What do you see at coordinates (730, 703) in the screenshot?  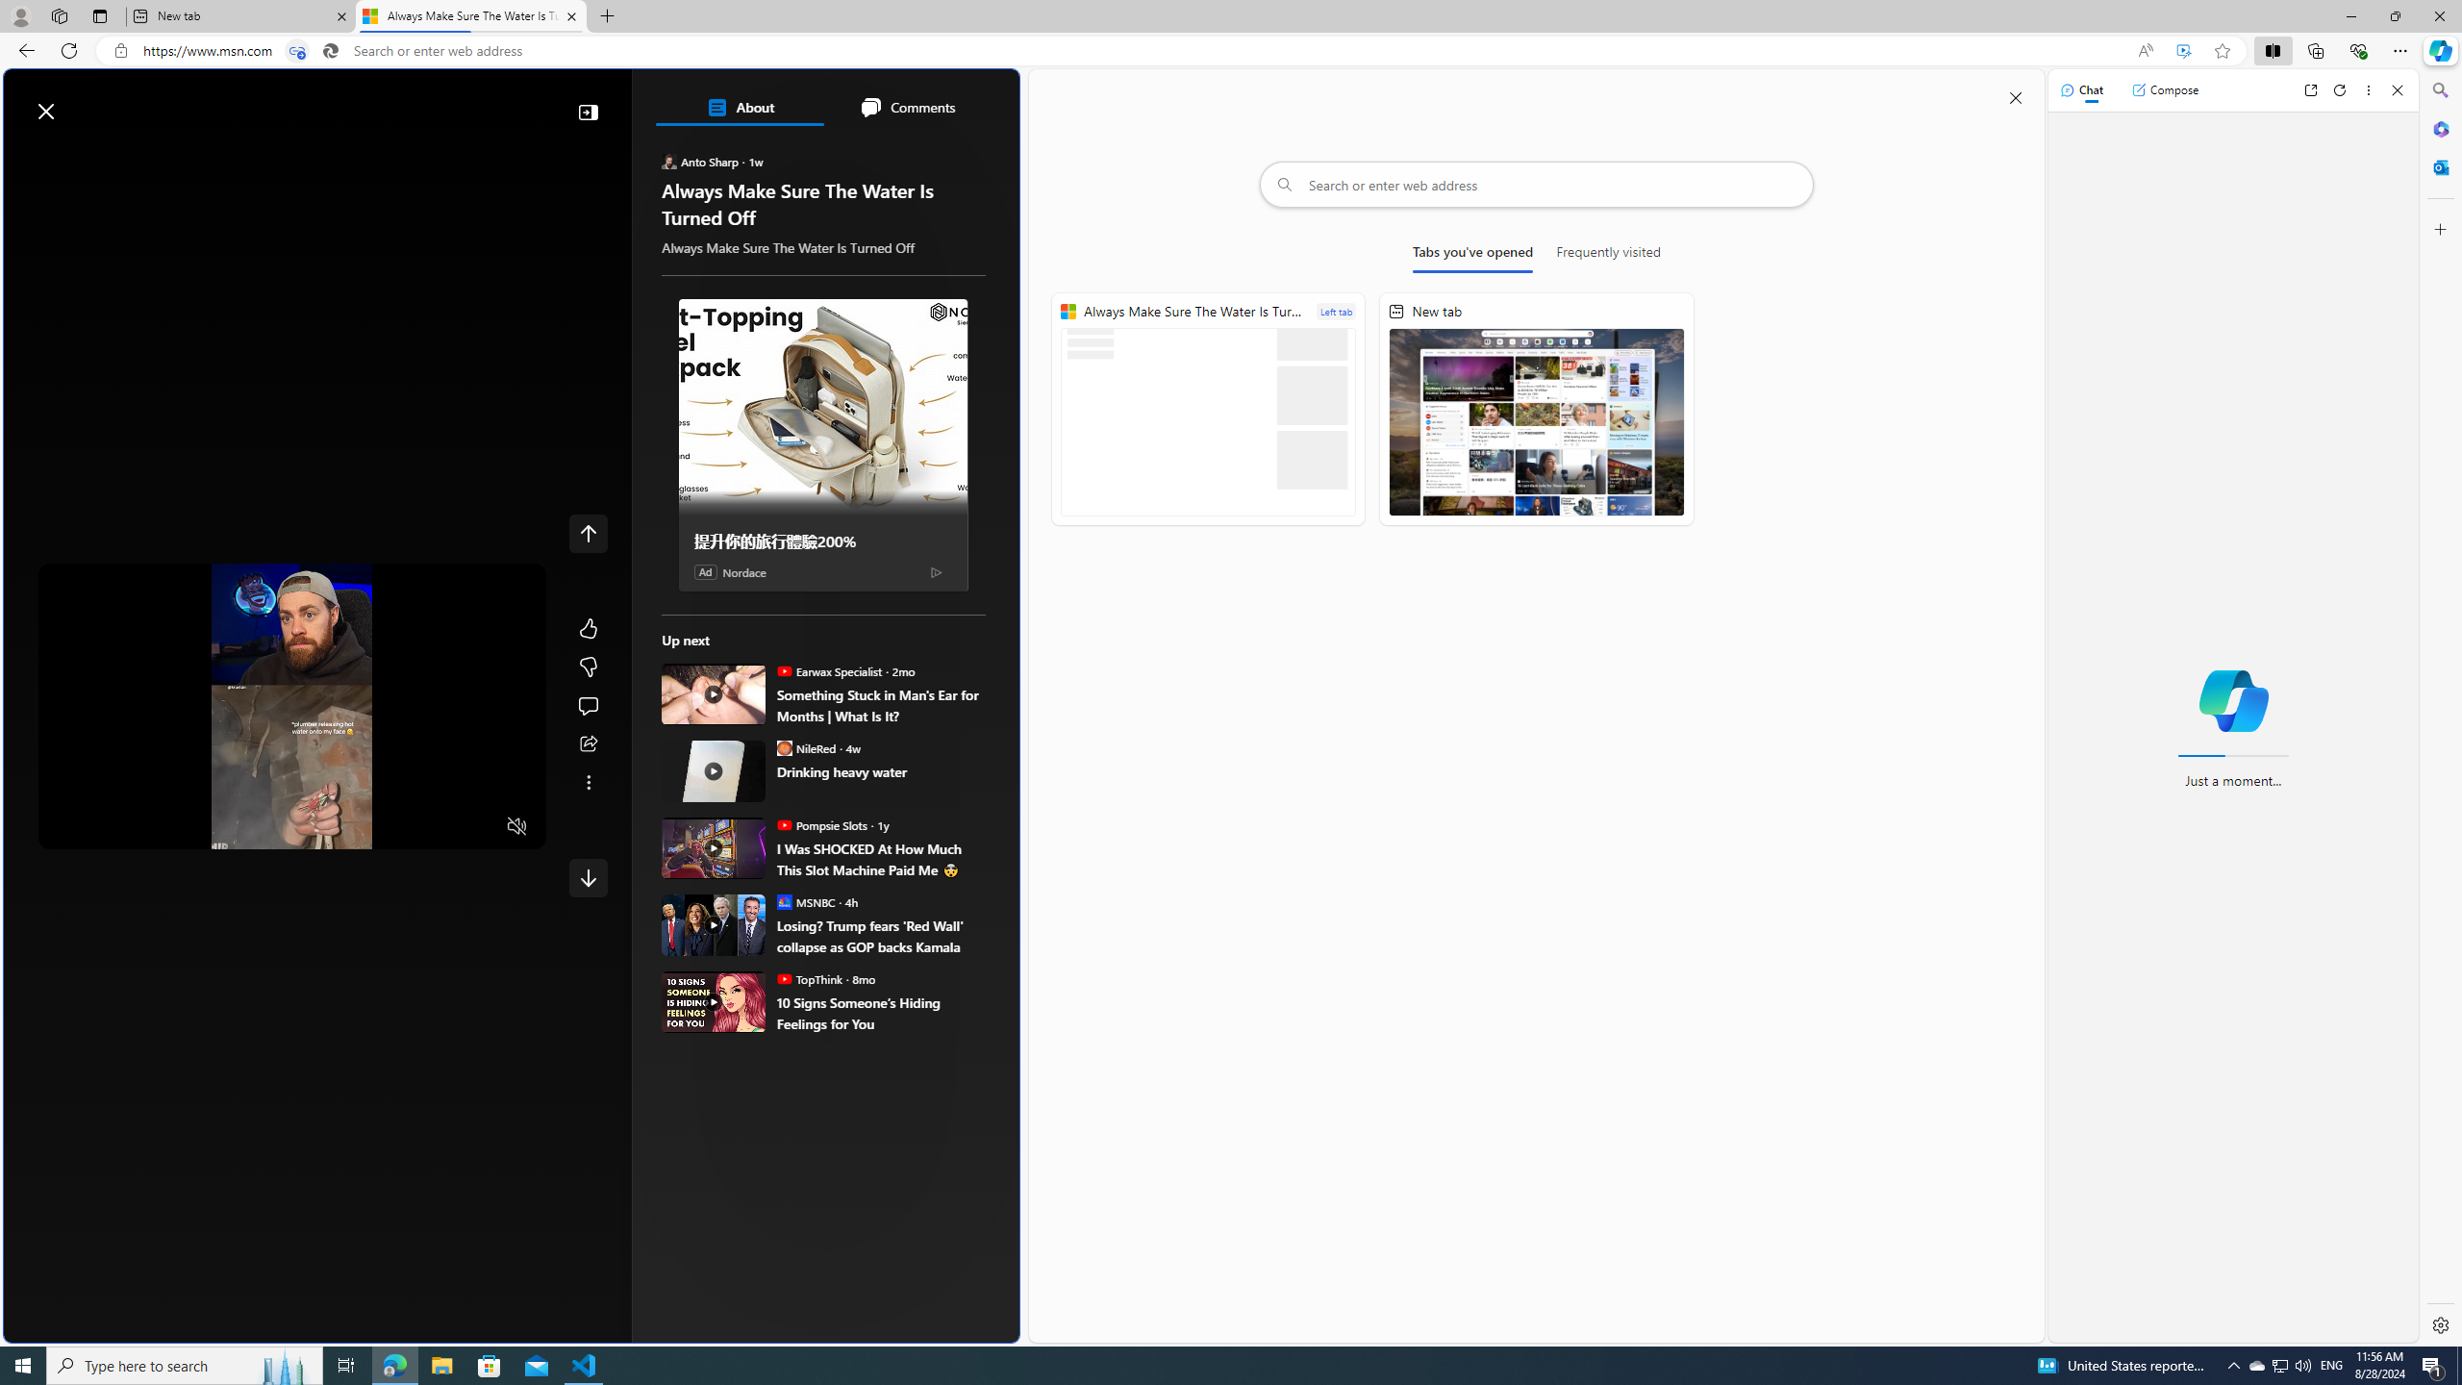 I see `'ABC News'` at bounding box center [730, 703].